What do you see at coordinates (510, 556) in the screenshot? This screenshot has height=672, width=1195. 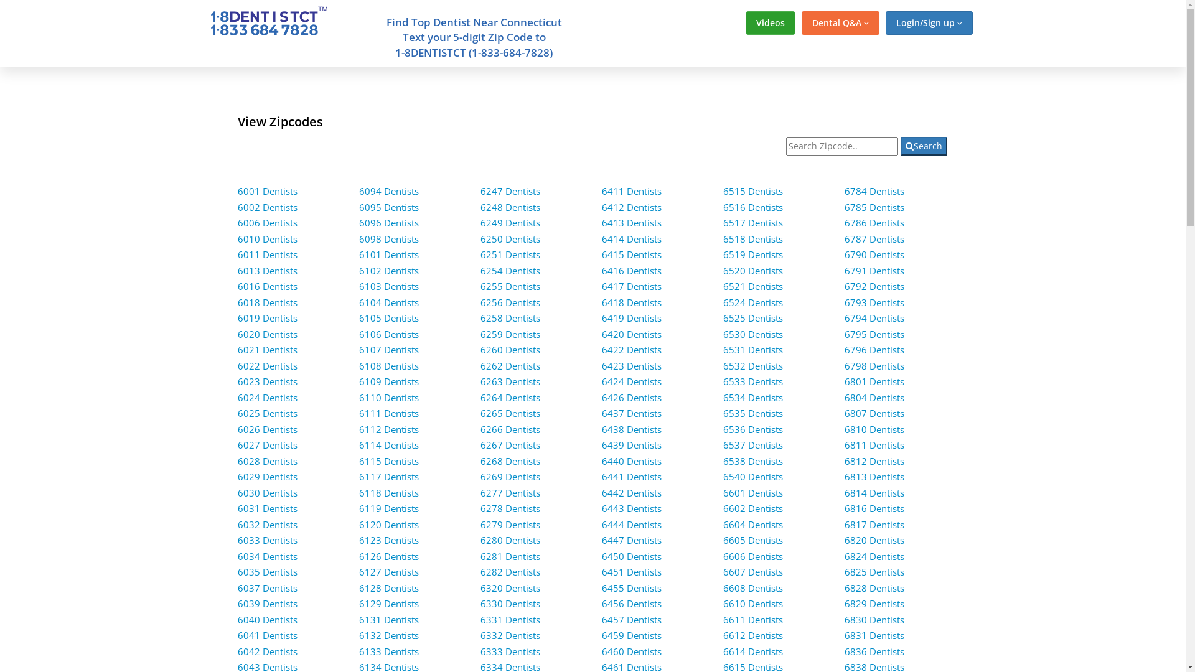 I see `'6281 Dentists'` at bounding box center [510, 556].